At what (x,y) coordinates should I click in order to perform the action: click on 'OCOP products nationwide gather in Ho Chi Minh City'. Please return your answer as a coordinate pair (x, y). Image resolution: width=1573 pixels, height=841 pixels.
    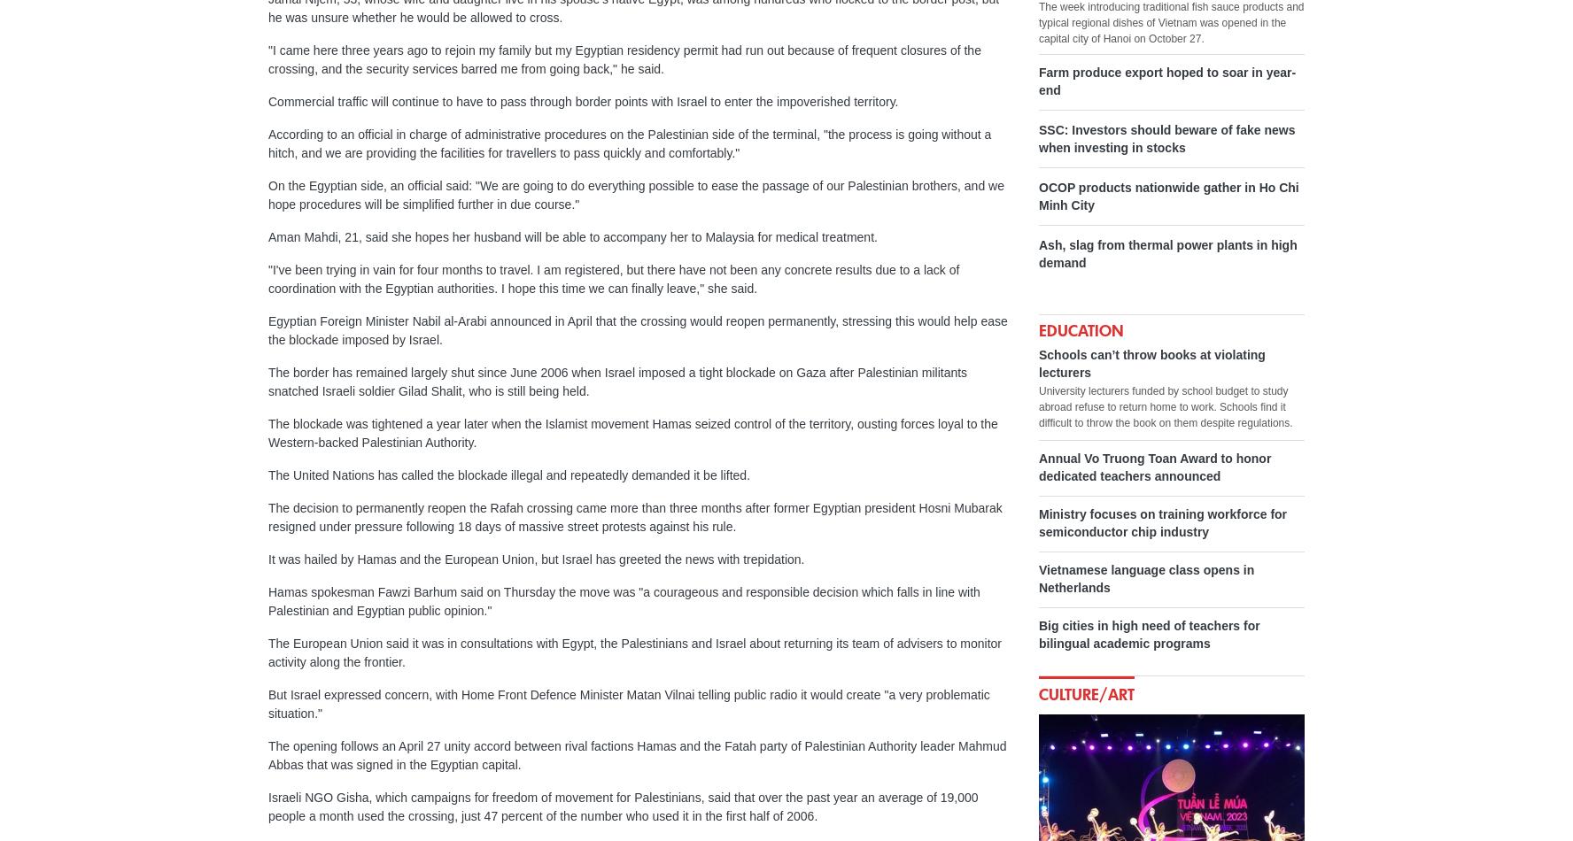
    Looking at the image, I should click on (1039, 197).